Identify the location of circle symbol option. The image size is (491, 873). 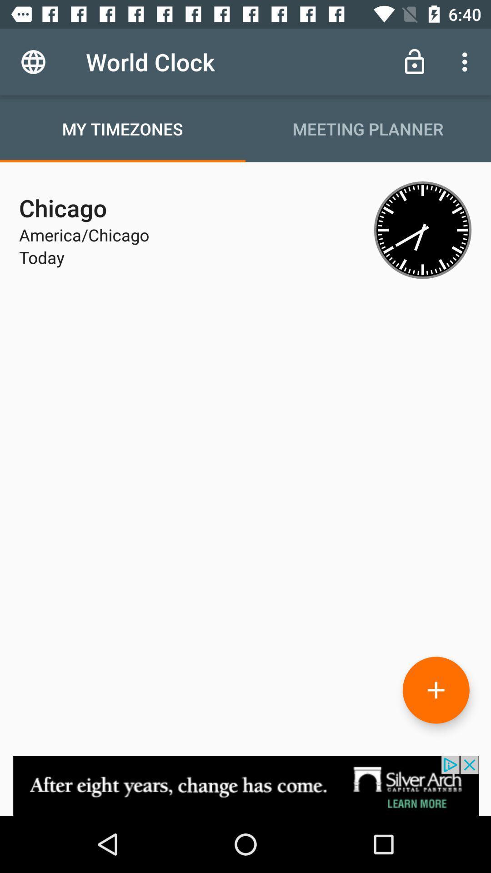
(436, 690).